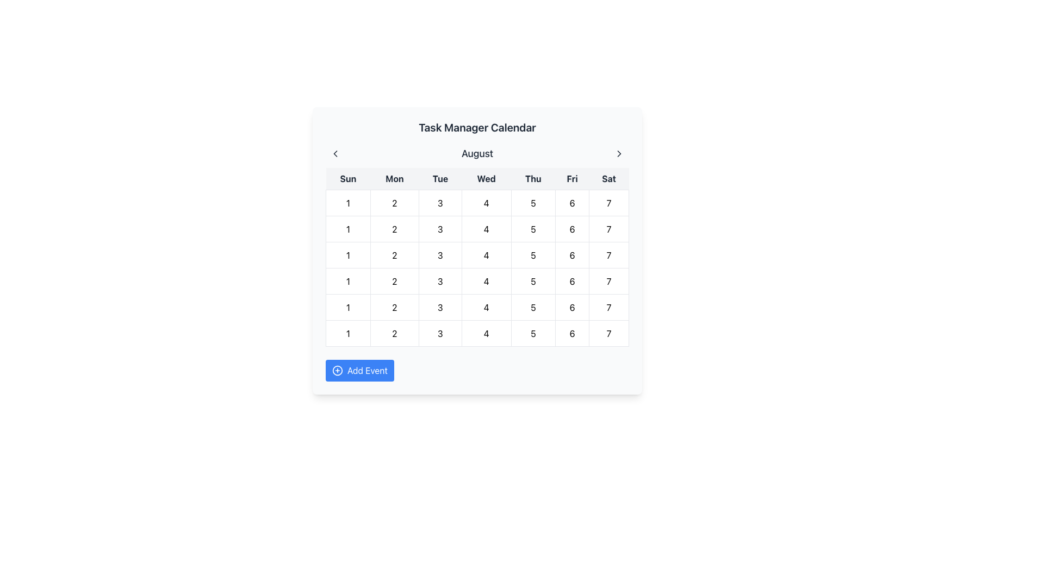  Describe the element at coordinates (440, 280) in the screenshot. I see `to select the date '3' in the calendar's third cell of the third column` at that location.